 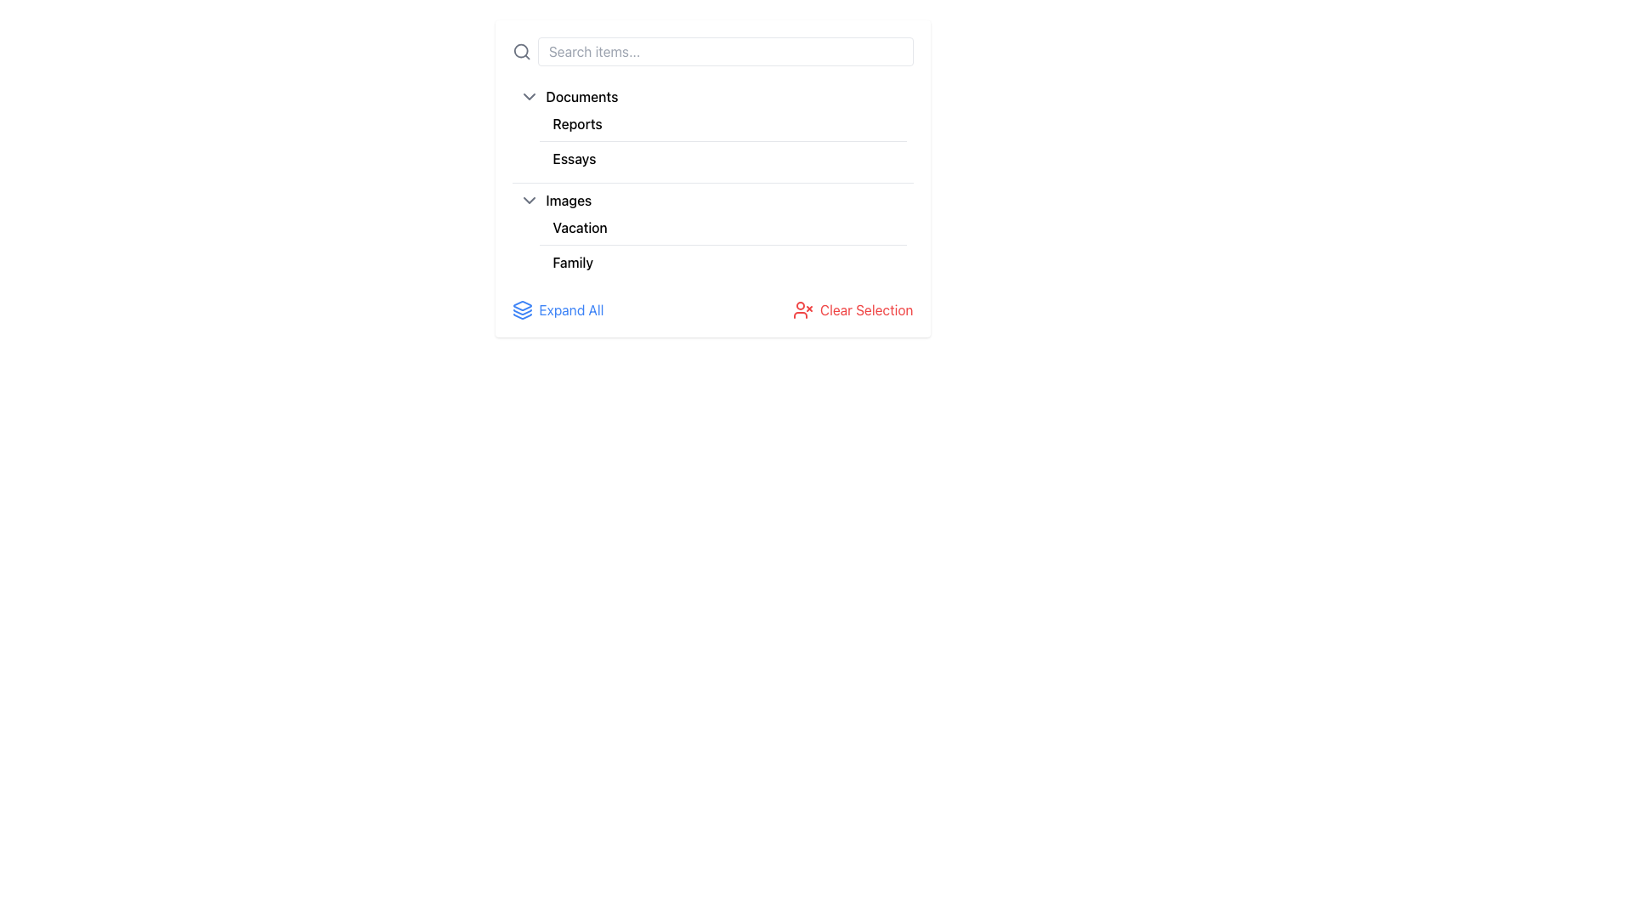 I want to click on the 'Expand All' or 'Clear Selection' buttons within the composite control for tooltip or visual feedback, so click(x=712, y=310).